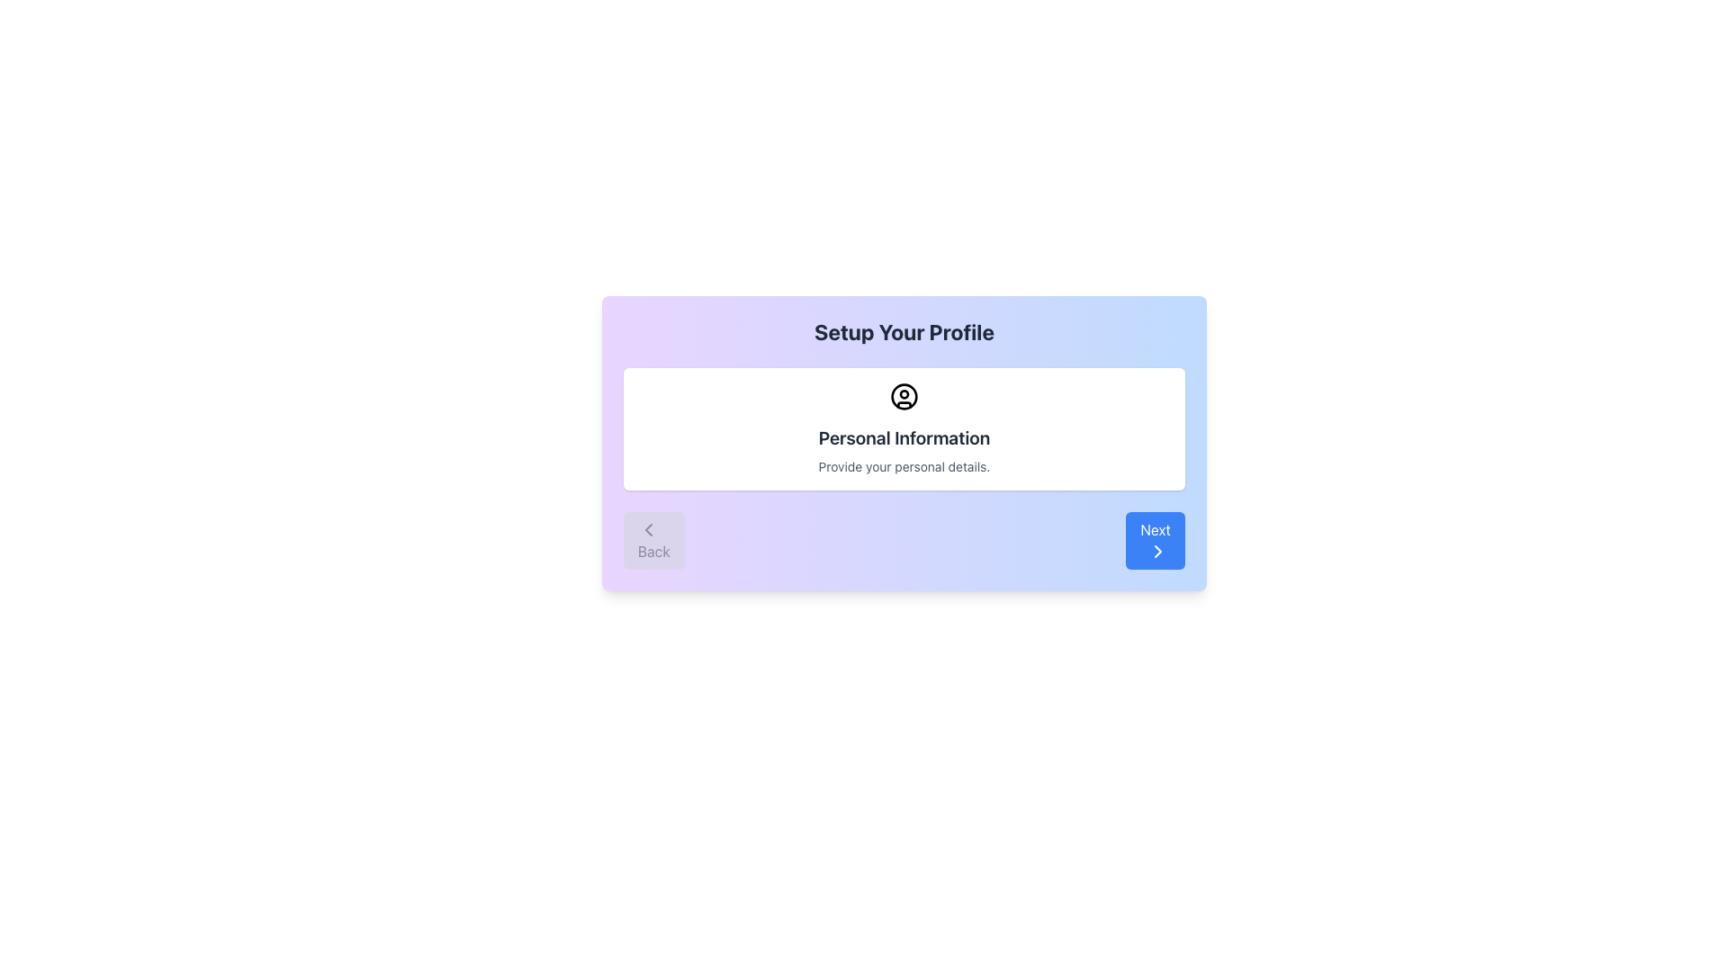  Describe the element at coordinates (904, 437) in the screenshot. I see `the 'Personal Information' text label, which serves as a heading indicating the section for personal details, located in the middle section of the card` at that location.